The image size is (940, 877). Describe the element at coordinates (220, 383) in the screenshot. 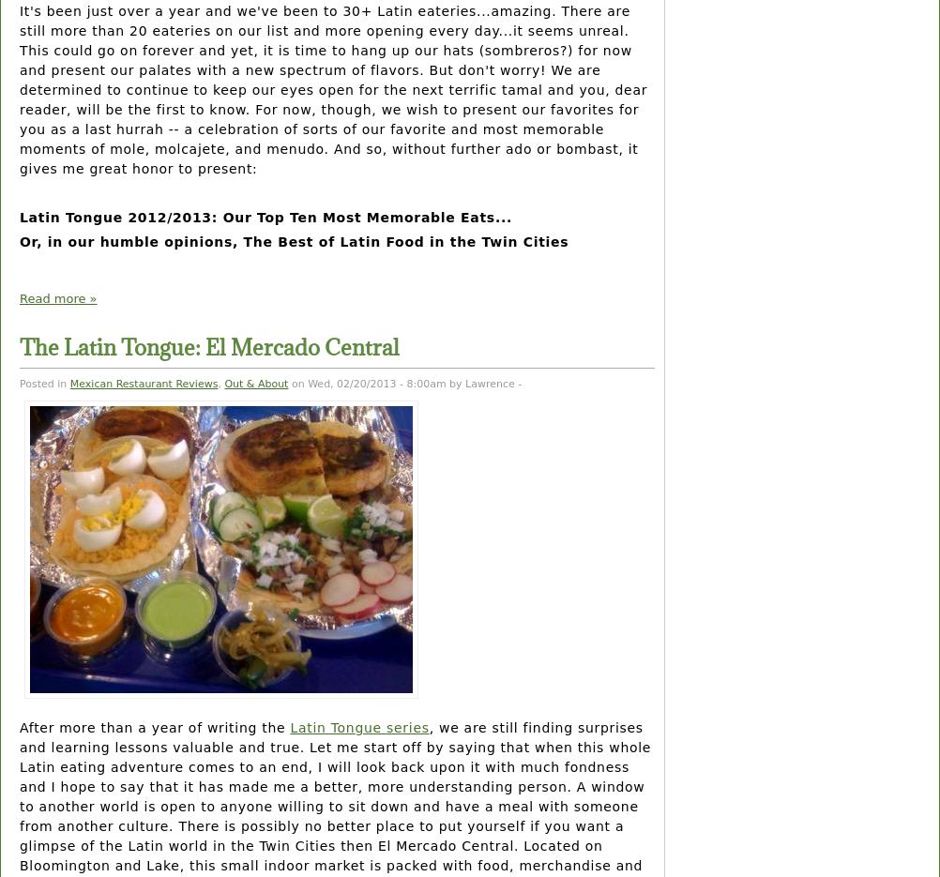

I see `','` at that location.